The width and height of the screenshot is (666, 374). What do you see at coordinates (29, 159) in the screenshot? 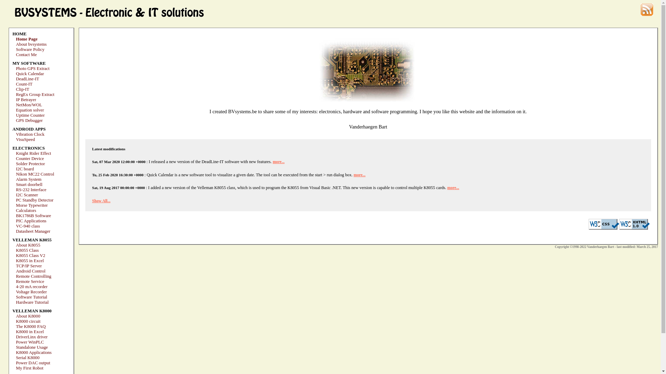
I see `'Counter Device'` at bounding box center [29, 159].